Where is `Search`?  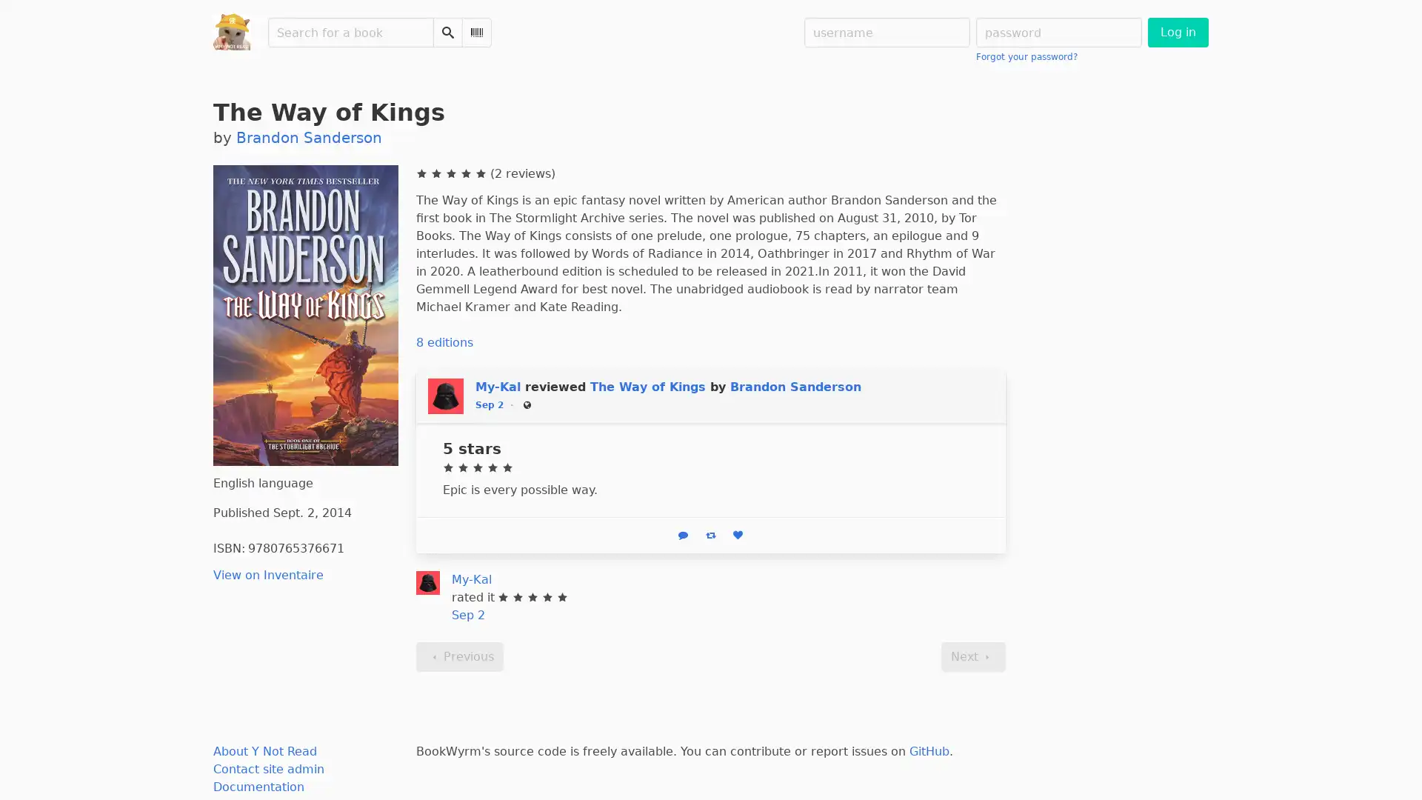 Search is located at coordinates (447, 32).